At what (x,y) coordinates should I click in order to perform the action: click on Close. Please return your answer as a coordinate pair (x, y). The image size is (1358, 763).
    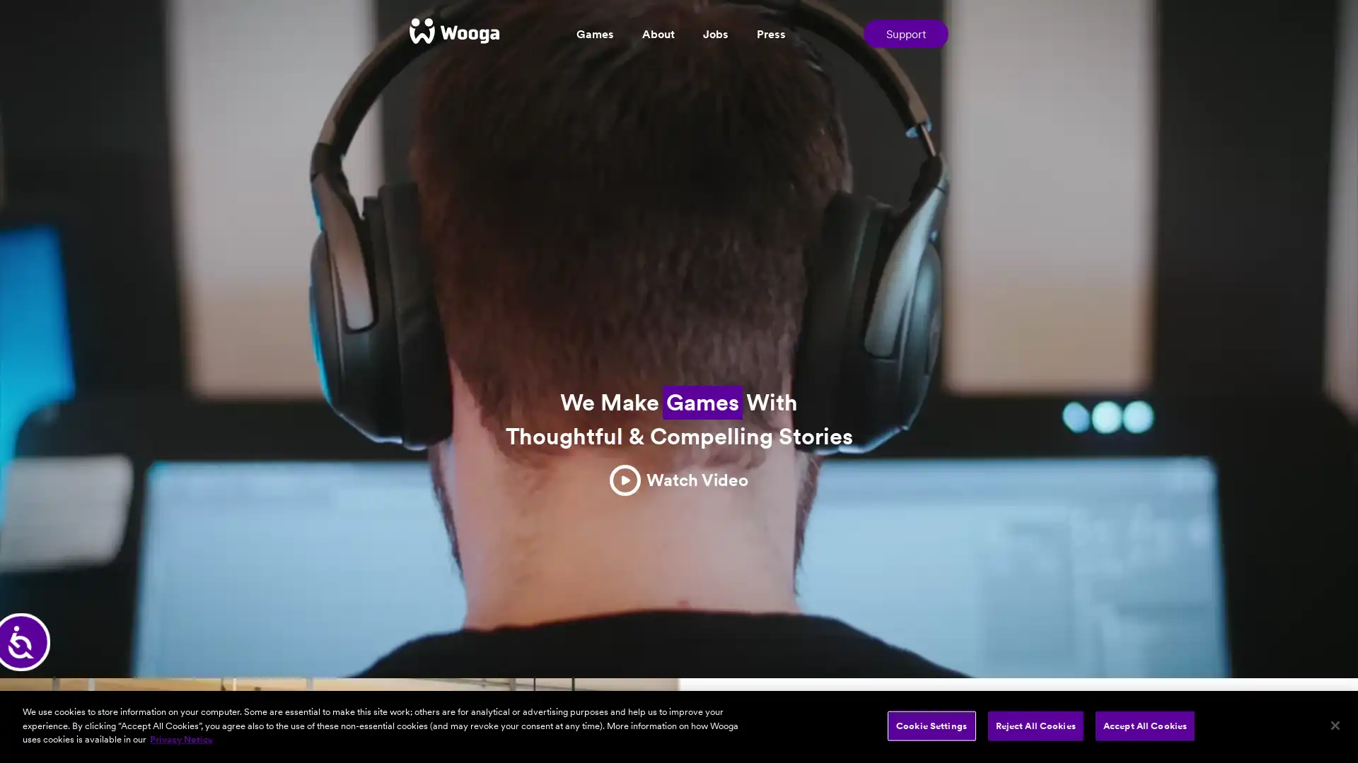
    Looking at the image, I should click on (1334, 725).